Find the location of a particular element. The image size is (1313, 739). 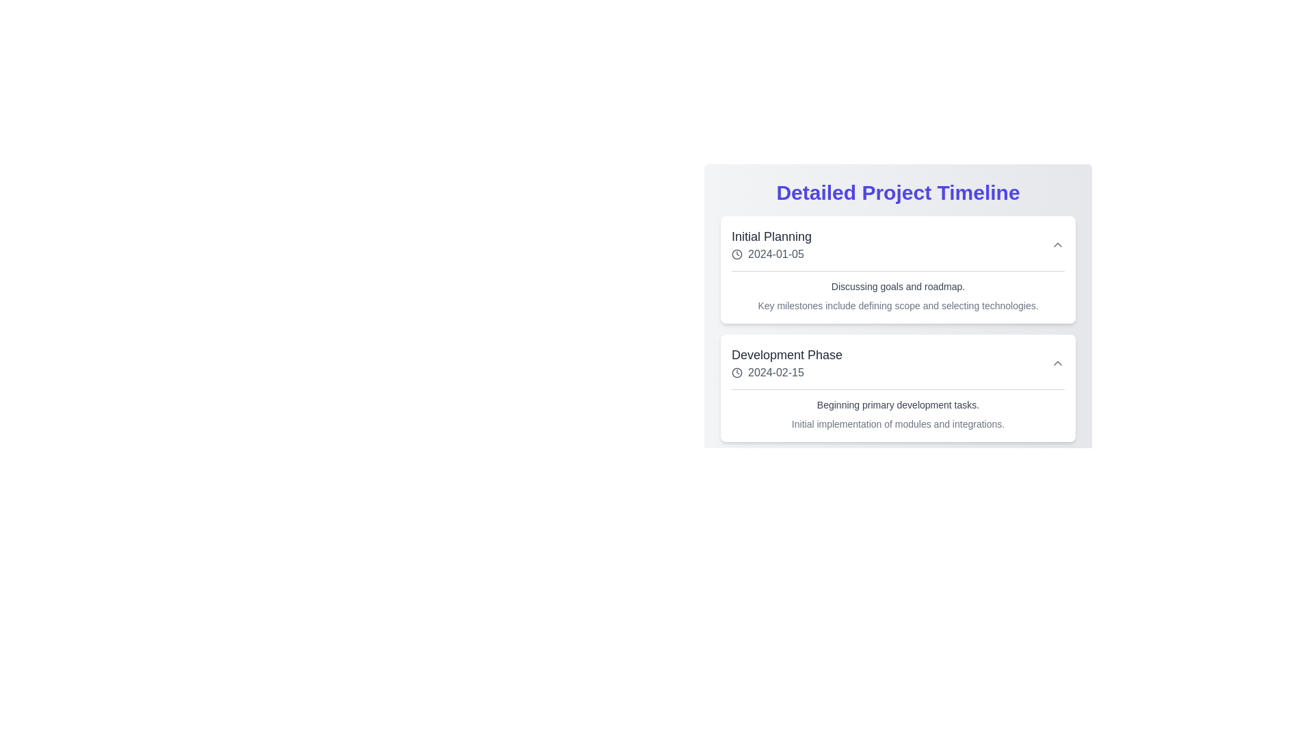

the Label indicating the date associated with the 'Development Phase', positioned below the 'Development Phase' text and next to a clock icon is located at coordinates (787, 372).